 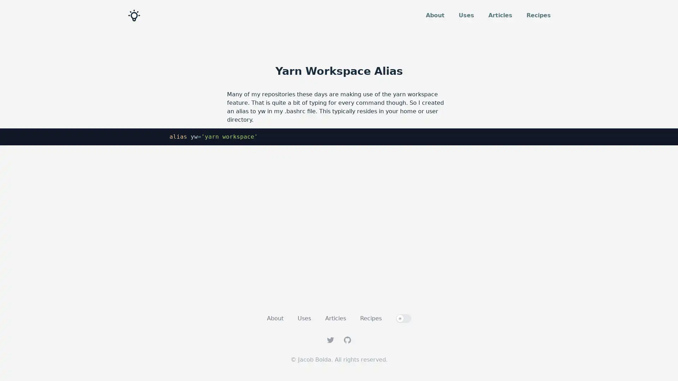 I want to click on toggle dark mode, so click(x=403, y=318).